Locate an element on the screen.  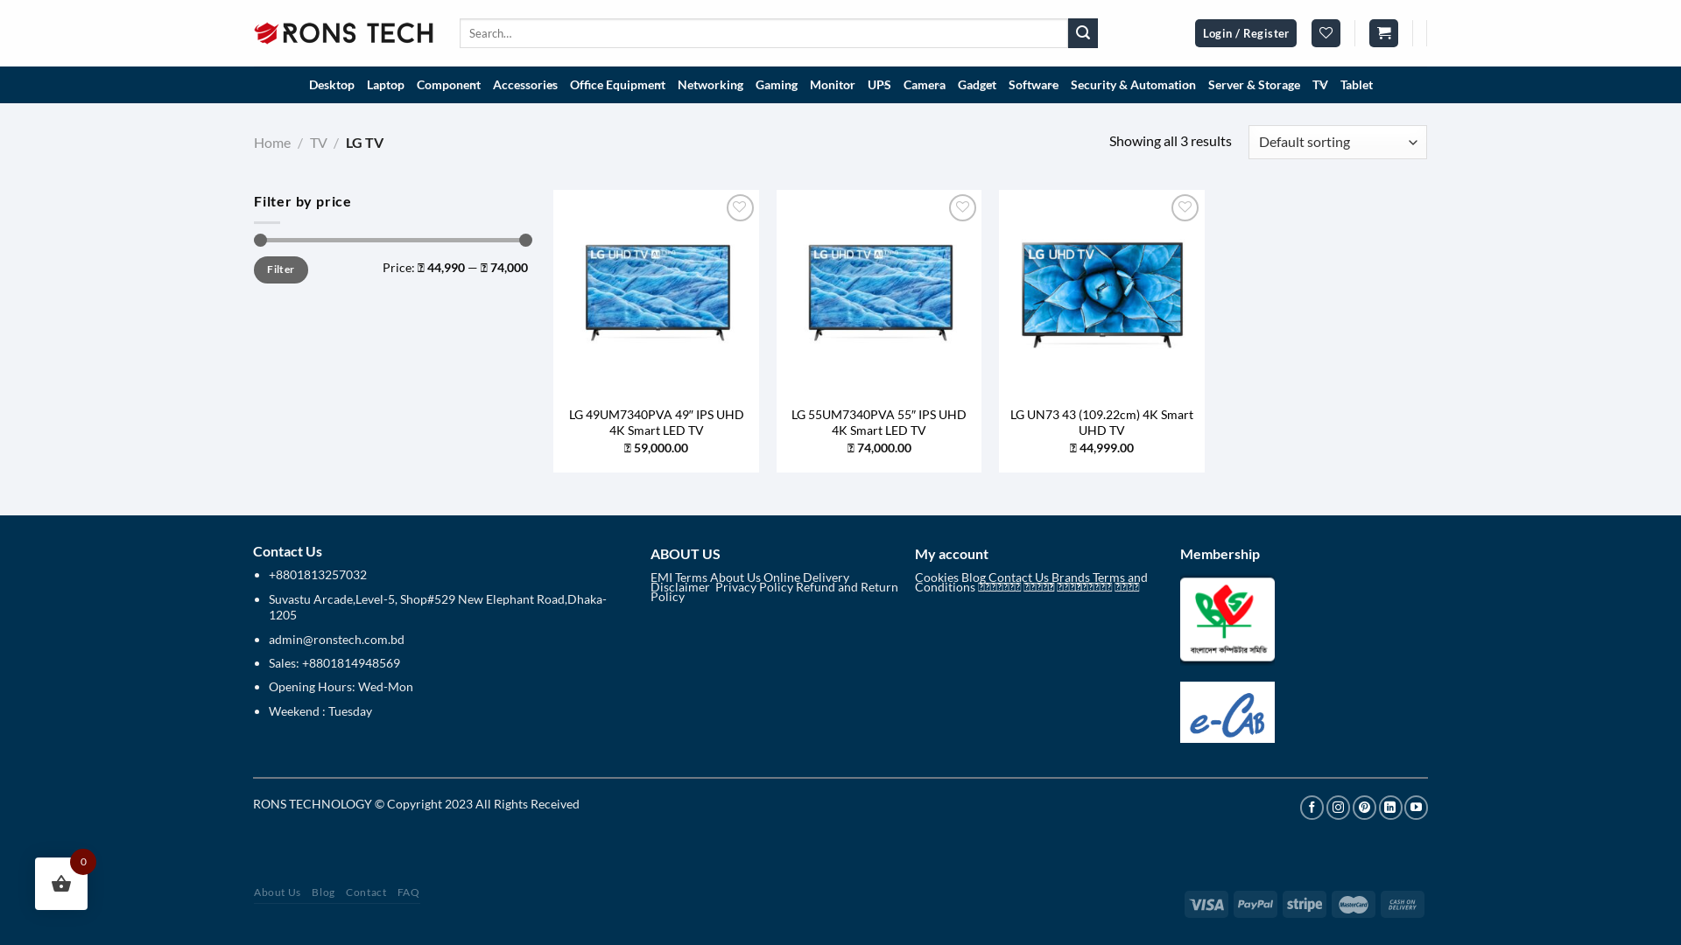
'Office Equipment' is located at coordinates (617, 84).